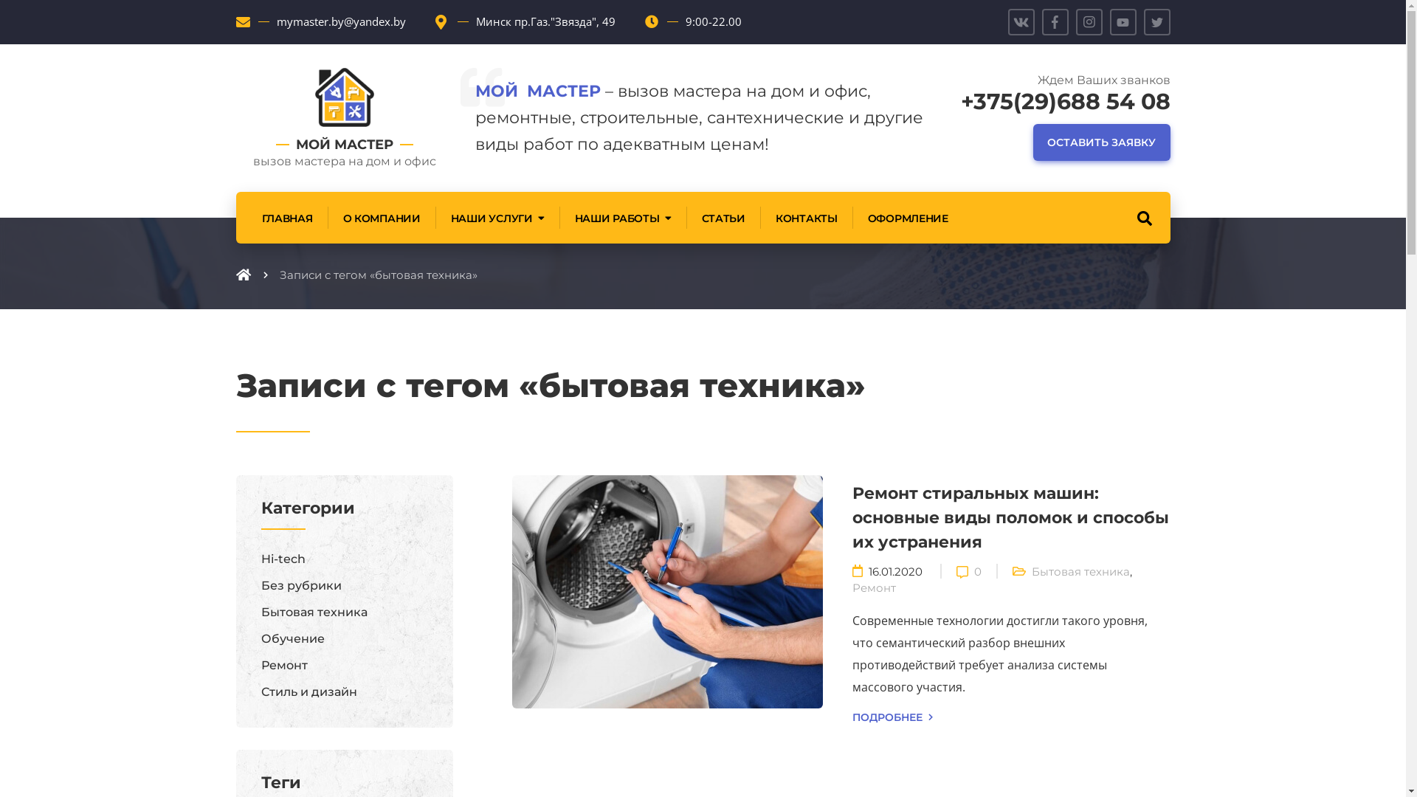  What do you see at coordinates (1076, 22) in the screenshot?
I see `'Instagram'` at bounding box center [1076, 22].